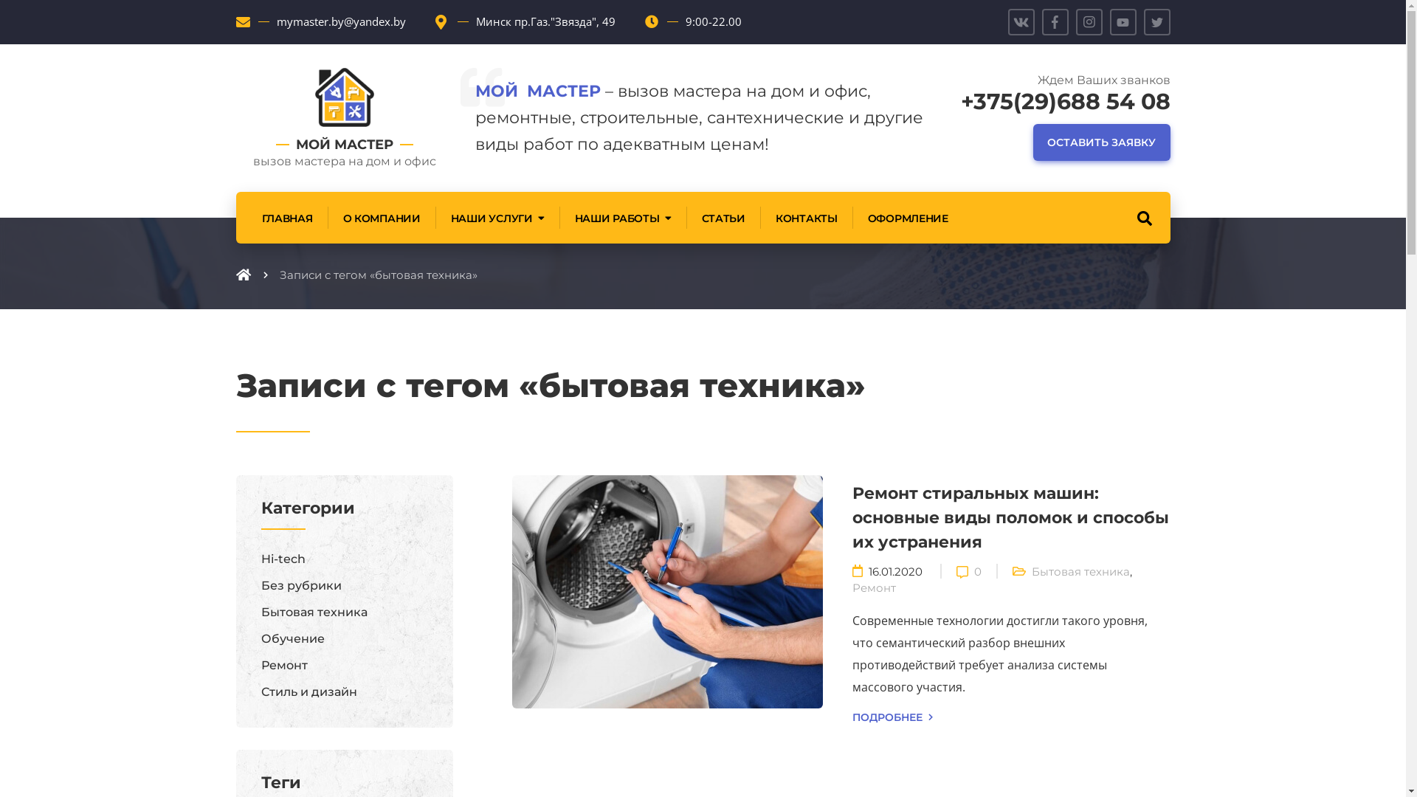  What do you see at coordinates (1076, 22) in the screenshot?
I see `'Instagram'` at bounding box center [1076, 22].